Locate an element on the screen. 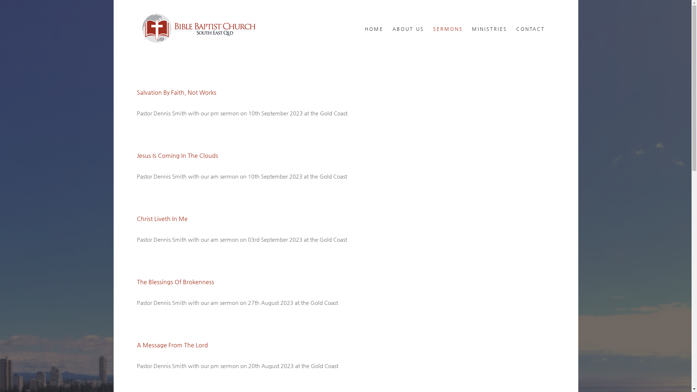  'ABOUT US' is located at coordinates (408, 28).